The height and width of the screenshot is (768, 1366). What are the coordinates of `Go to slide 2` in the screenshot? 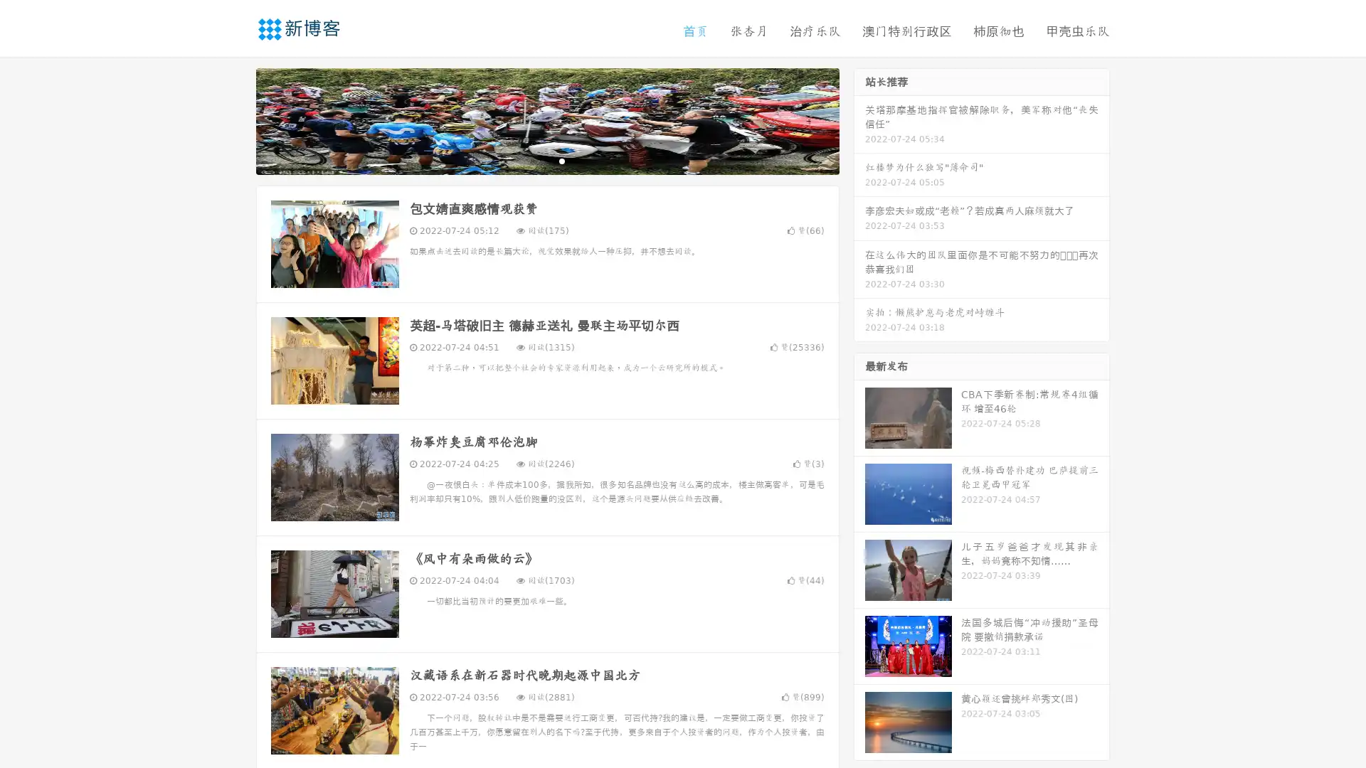 It's located at (546, 160).